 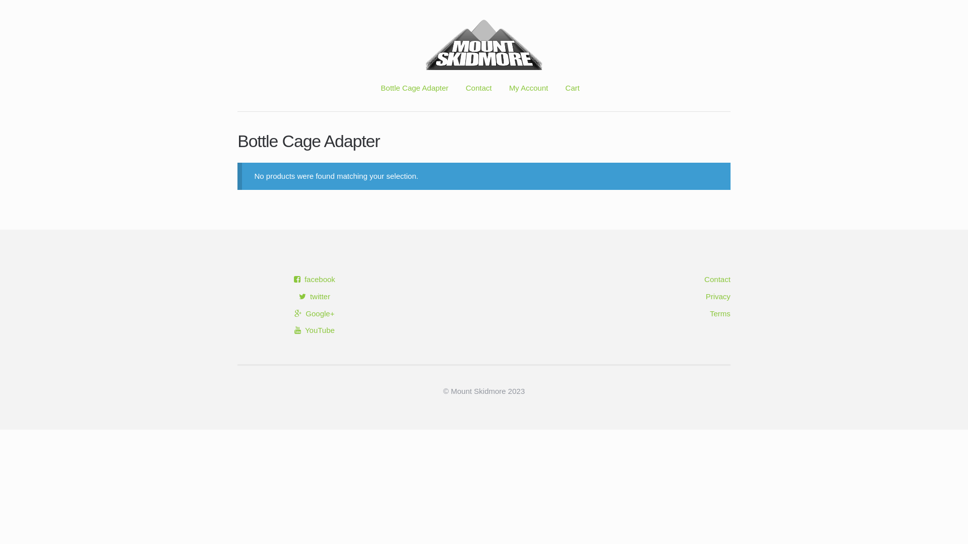 I want to click on 'Google+', so click(x=294, y=313).